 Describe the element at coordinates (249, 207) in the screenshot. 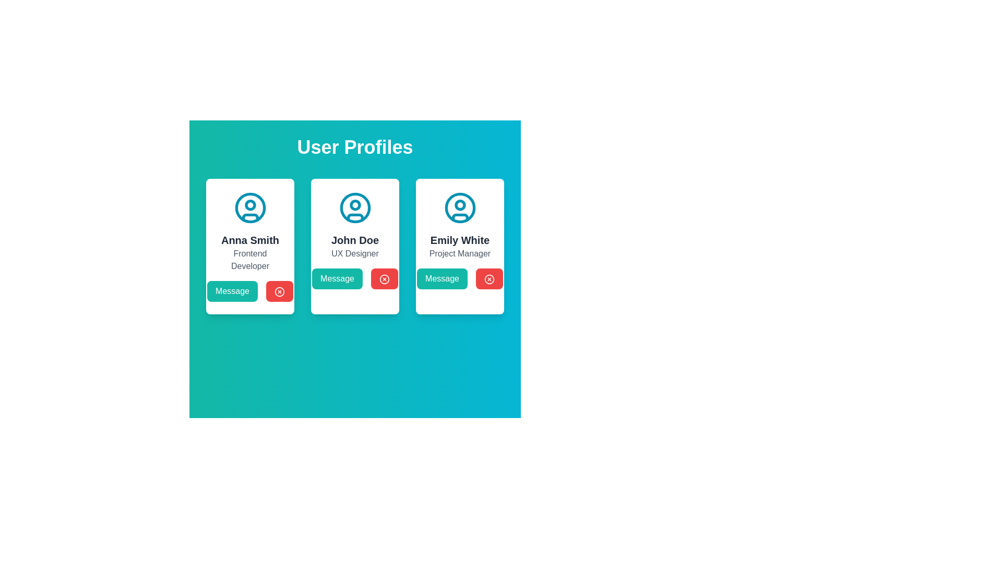

I see `the user profile icon, which is an abstract style graphic of a simplified human figure in a cyan circular boundary, located at the top of the card labeled 'Anna Smith'` at that location.